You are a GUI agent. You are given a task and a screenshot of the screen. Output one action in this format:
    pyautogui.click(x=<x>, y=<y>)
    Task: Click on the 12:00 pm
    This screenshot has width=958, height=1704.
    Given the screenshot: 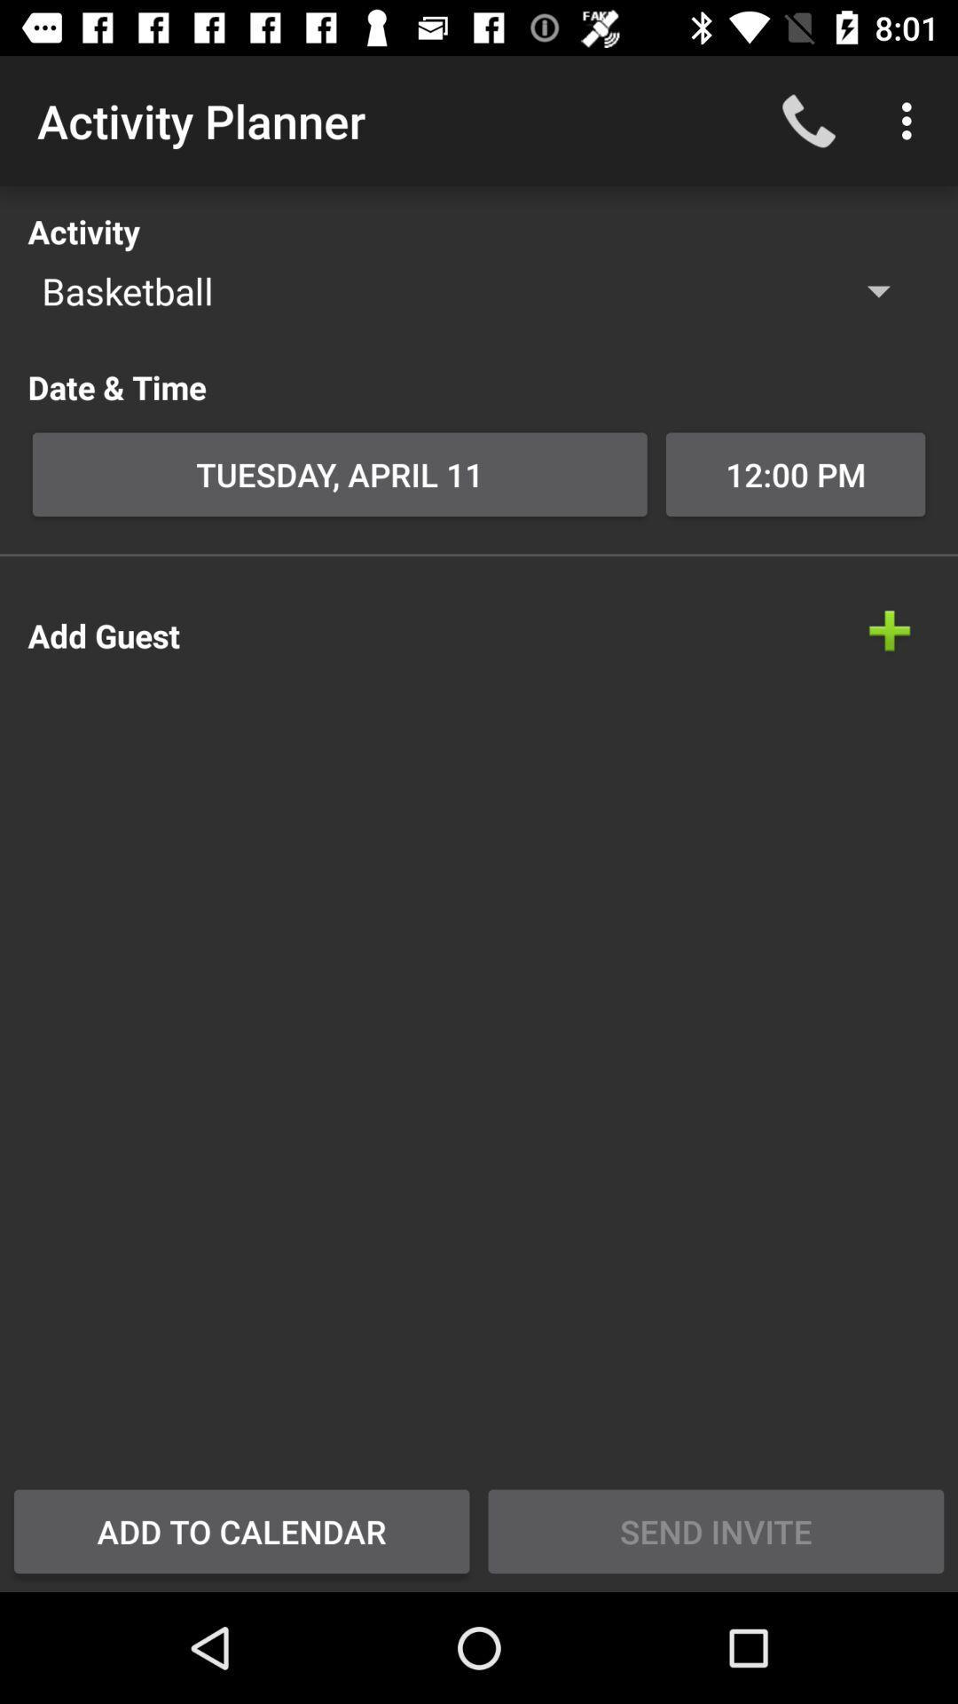 What is the action you would take?
    pyautogui.click(x=795, y=474)
    